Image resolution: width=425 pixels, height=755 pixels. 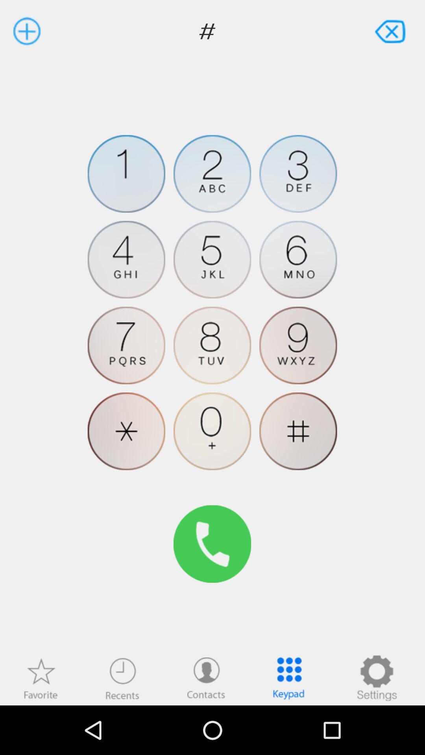 What do you see at coordinates (298, 345) in the screenshot?
I see `dial the number nine` at bounding box center [298, 345].